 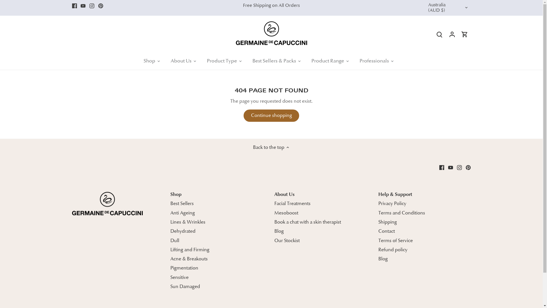 I want to click on 'Best Sellers', so click(x=181, y=203).